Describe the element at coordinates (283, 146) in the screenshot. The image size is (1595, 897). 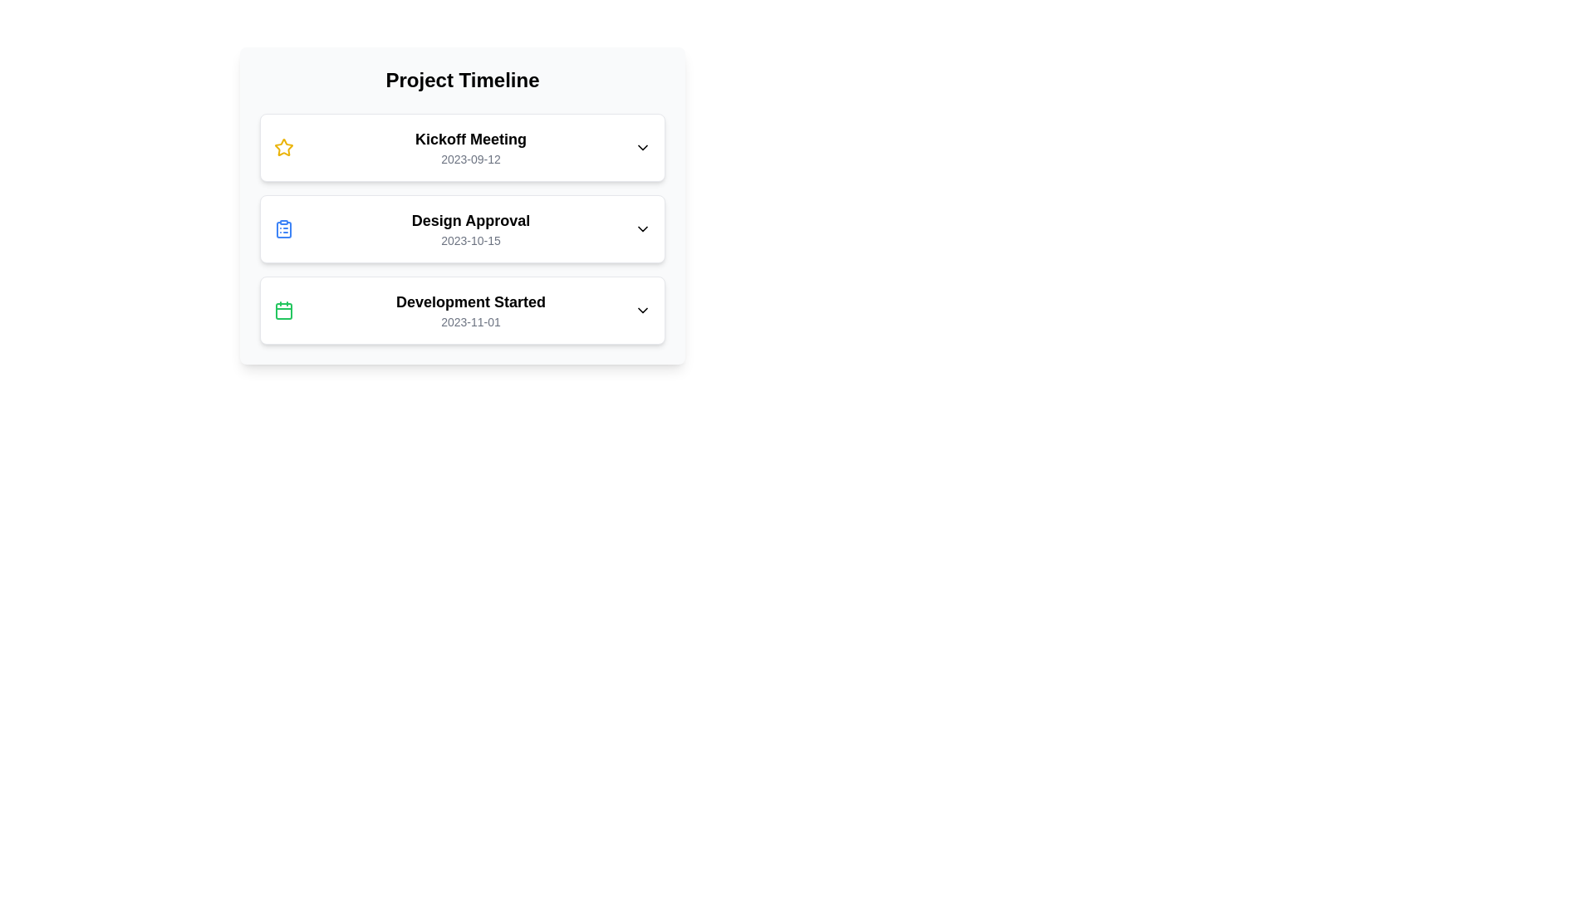
I see `the icon located beside the bold text 'Kickoff Meeting' in the leftmost part of the first item under the 'Project Timeline' header` at that location.